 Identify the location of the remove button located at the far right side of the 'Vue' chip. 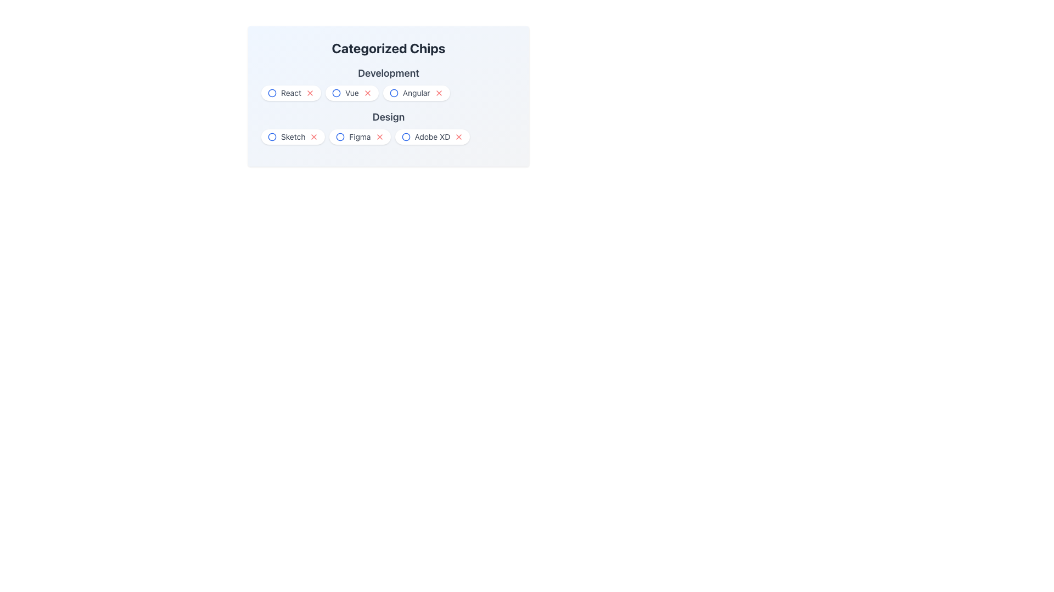
(367, 92).